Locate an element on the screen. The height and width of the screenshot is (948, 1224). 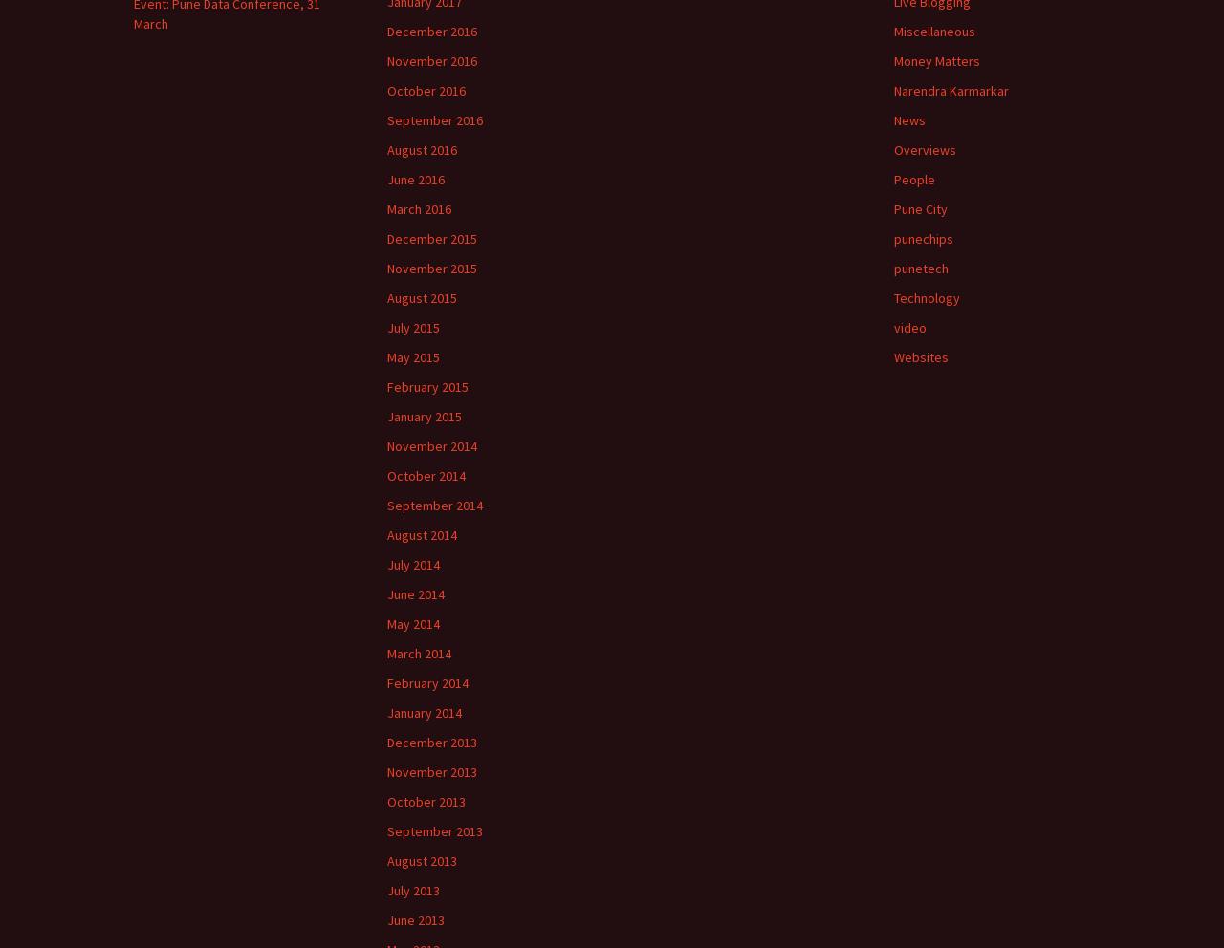
'Narendra Karmarkar' is located at coordinates (951, 90).